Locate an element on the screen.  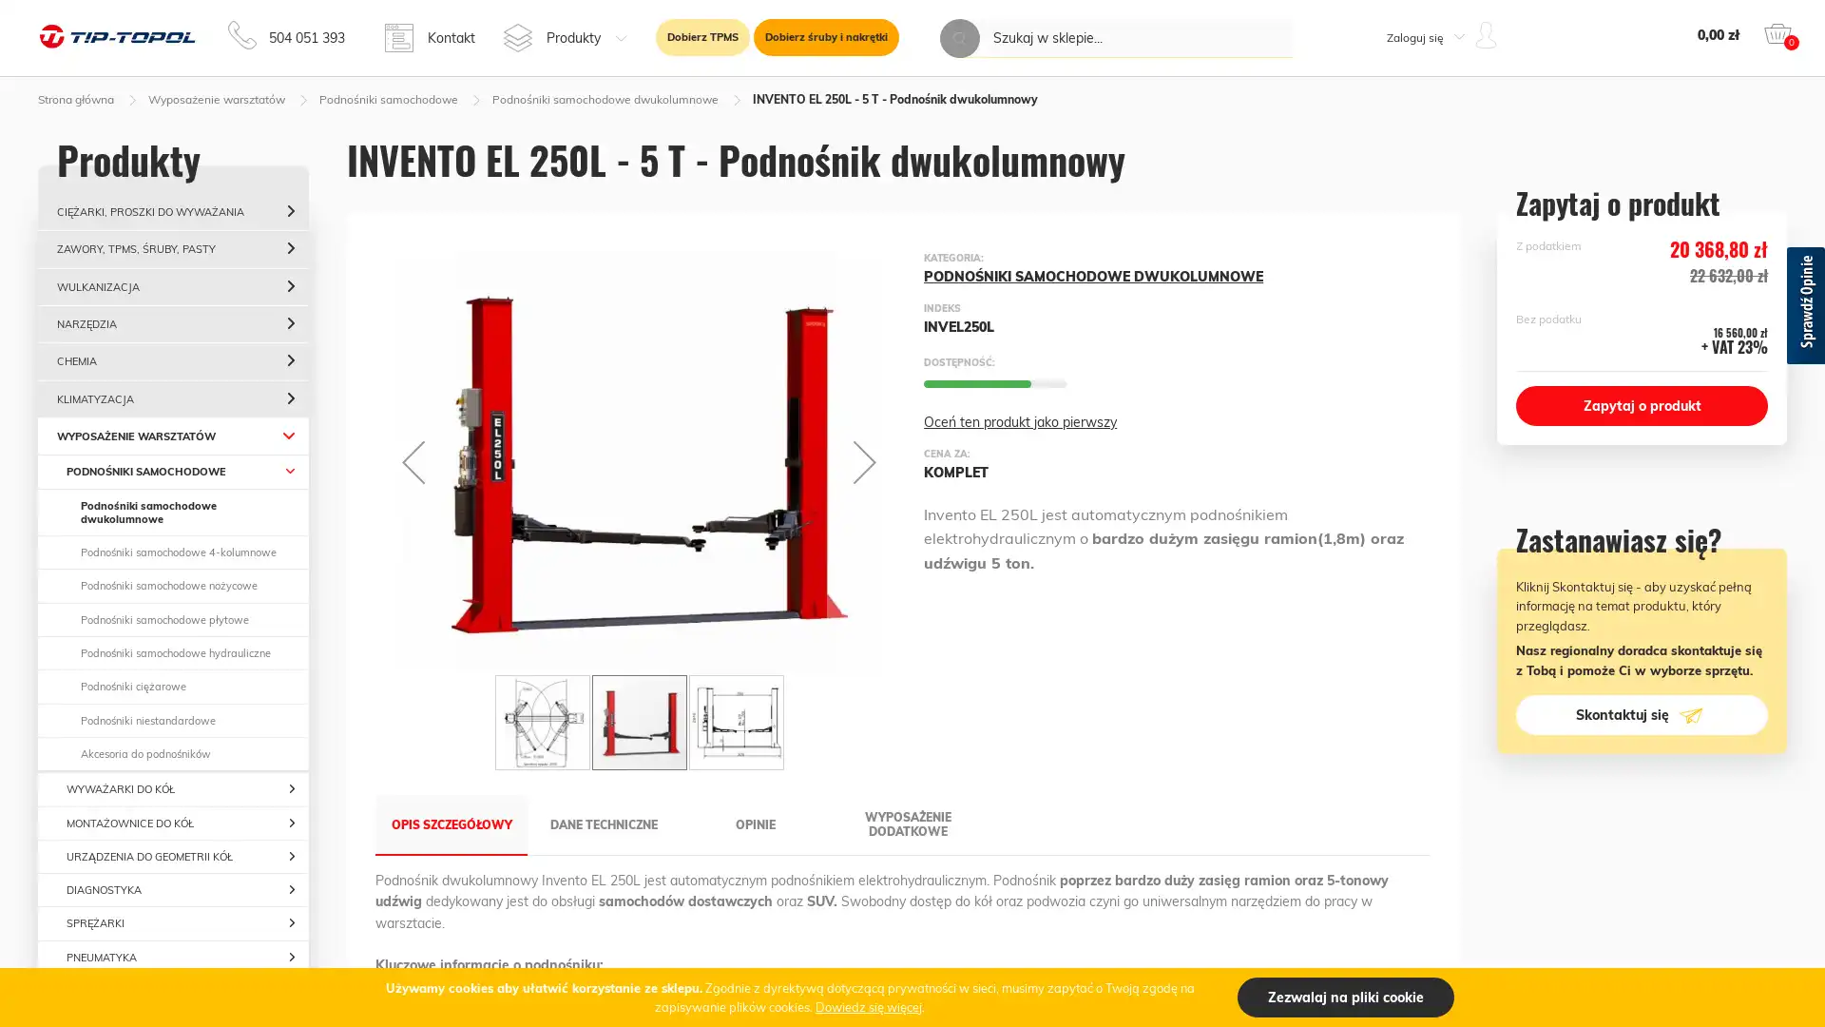
Previous is located at coordinates (413, 461).